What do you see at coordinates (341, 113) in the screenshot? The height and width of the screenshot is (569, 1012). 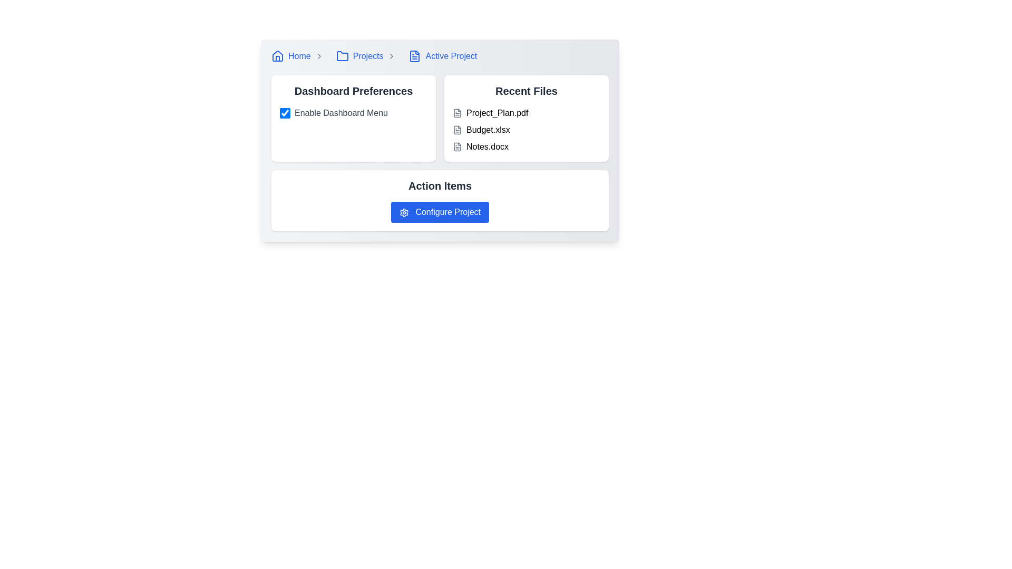 I see `the label providing context for the adjacent checkbox in the 'Dashboard Preferences' box, located at the top-left section of the box group` at bounding box center [341, 113].